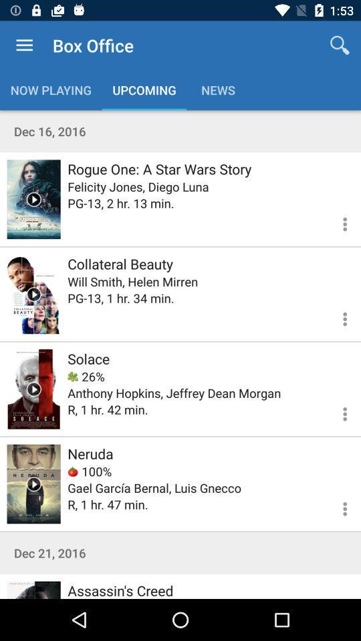  I want to click on item below rogue one a, so click(137, 186).